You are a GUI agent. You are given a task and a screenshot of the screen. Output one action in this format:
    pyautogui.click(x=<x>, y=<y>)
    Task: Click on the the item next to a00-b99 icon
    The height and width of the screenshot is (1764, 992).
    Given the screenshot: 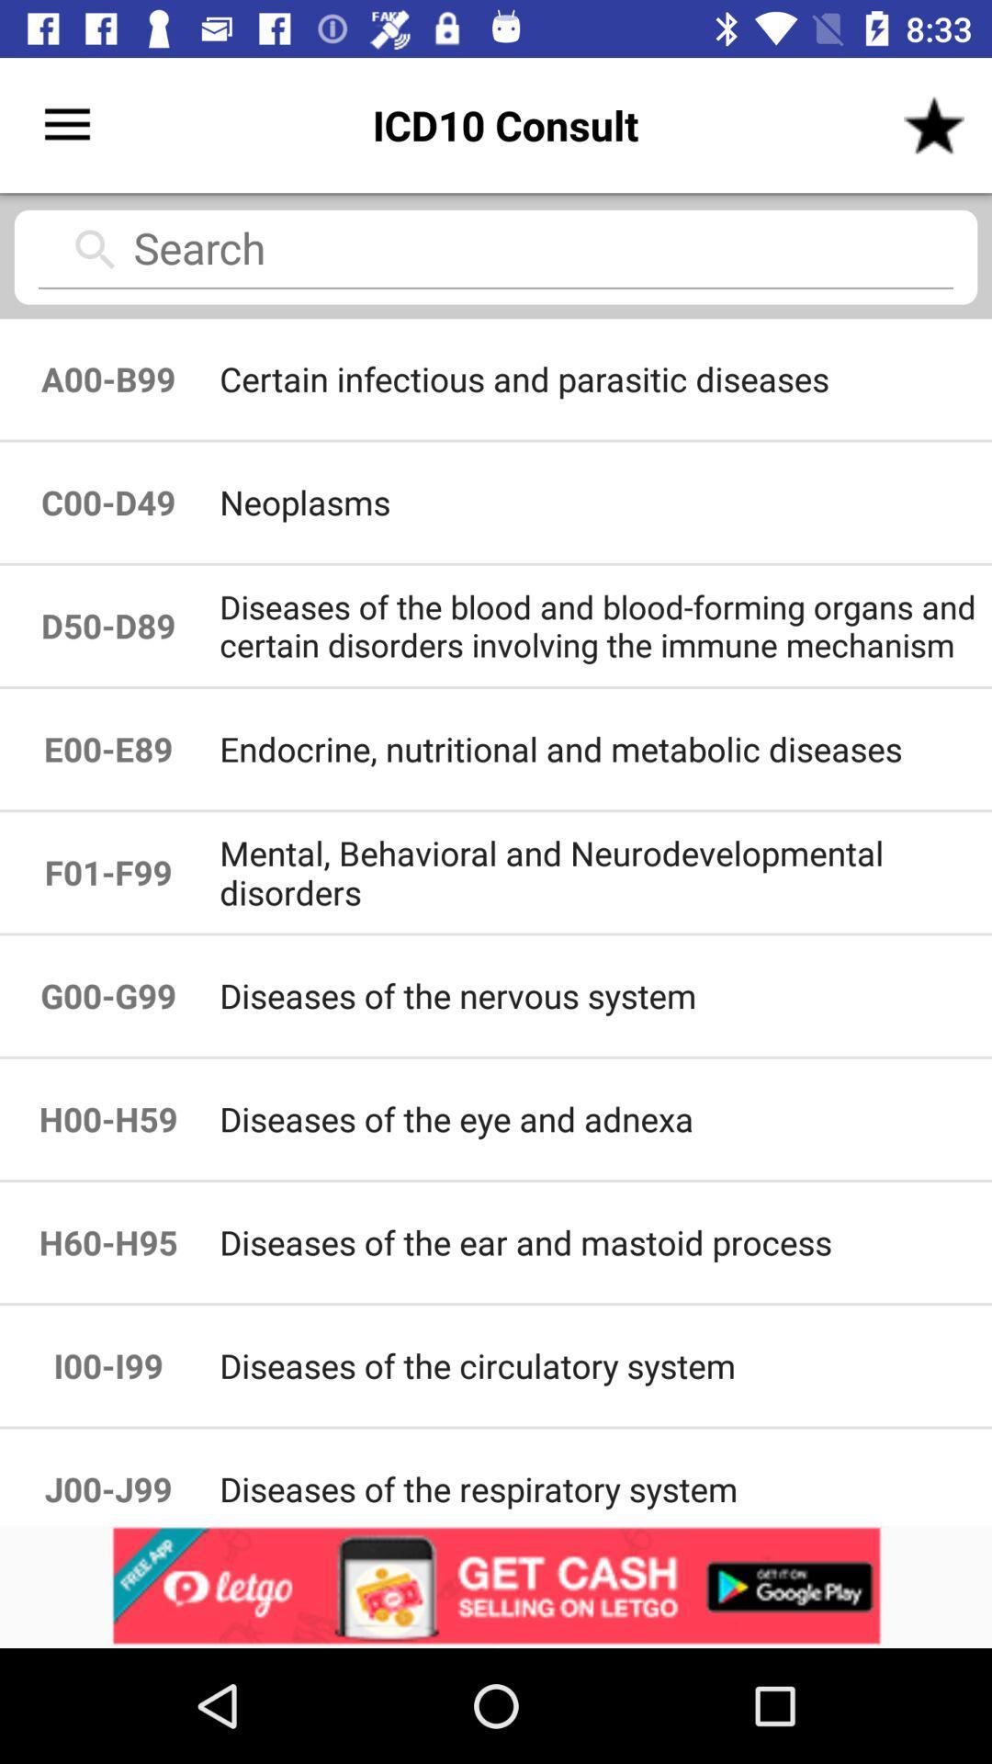 What is the action you would take?
    pyautogui.click(x=604, y=503)
    